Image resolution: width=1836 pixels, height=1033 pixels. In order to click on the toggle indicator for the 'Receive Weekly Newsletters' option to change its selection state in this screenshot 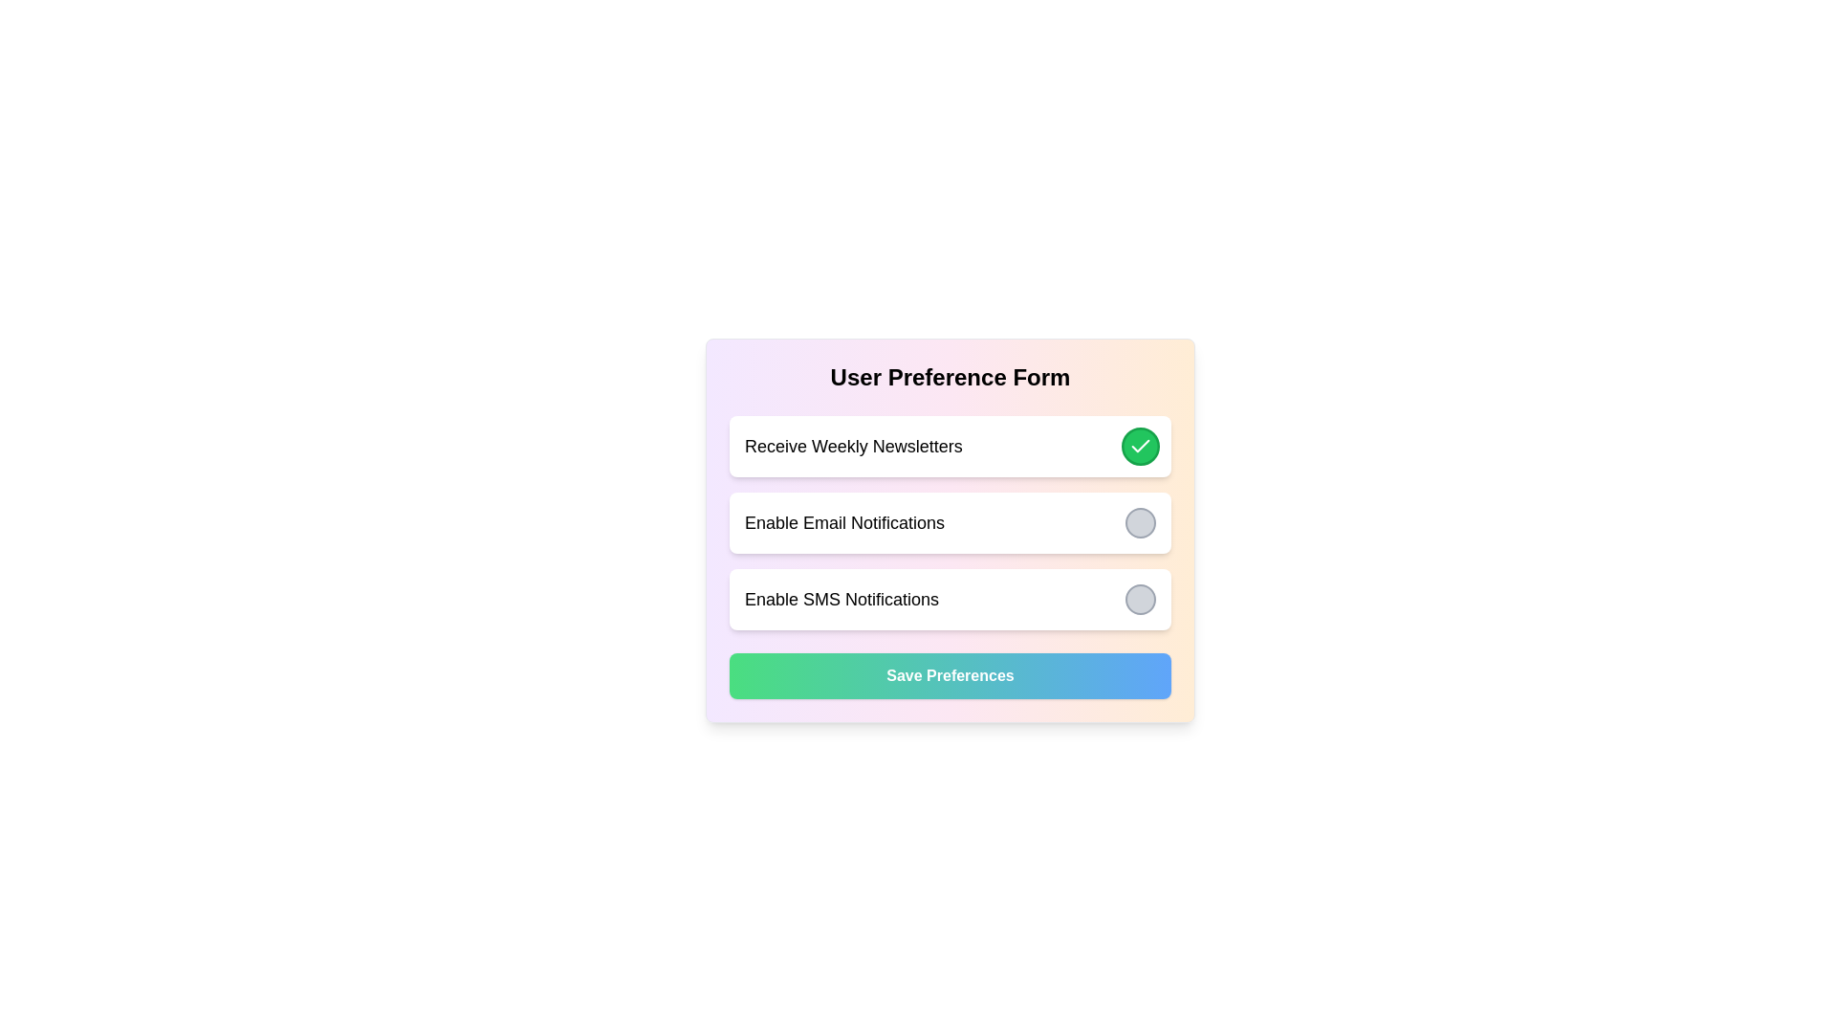, I will do `click(1141, 446)`.